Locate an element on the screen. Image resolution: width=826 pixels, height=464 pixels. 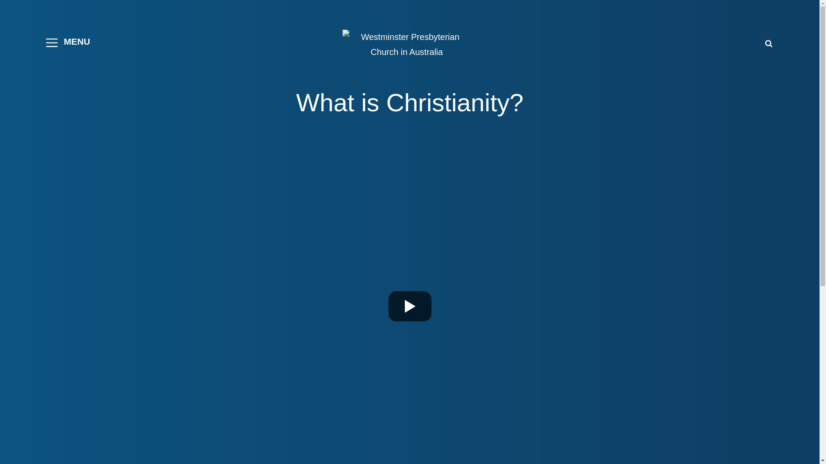
'MENU' is located at coordinates (68, 43).